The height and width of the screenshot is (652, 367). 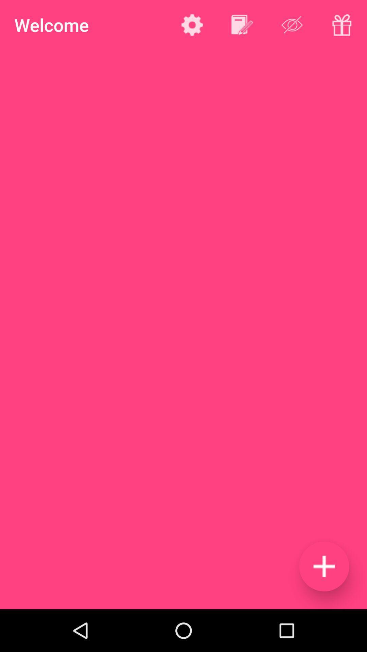 I want to click on hide information, so click(x=292, y=25).